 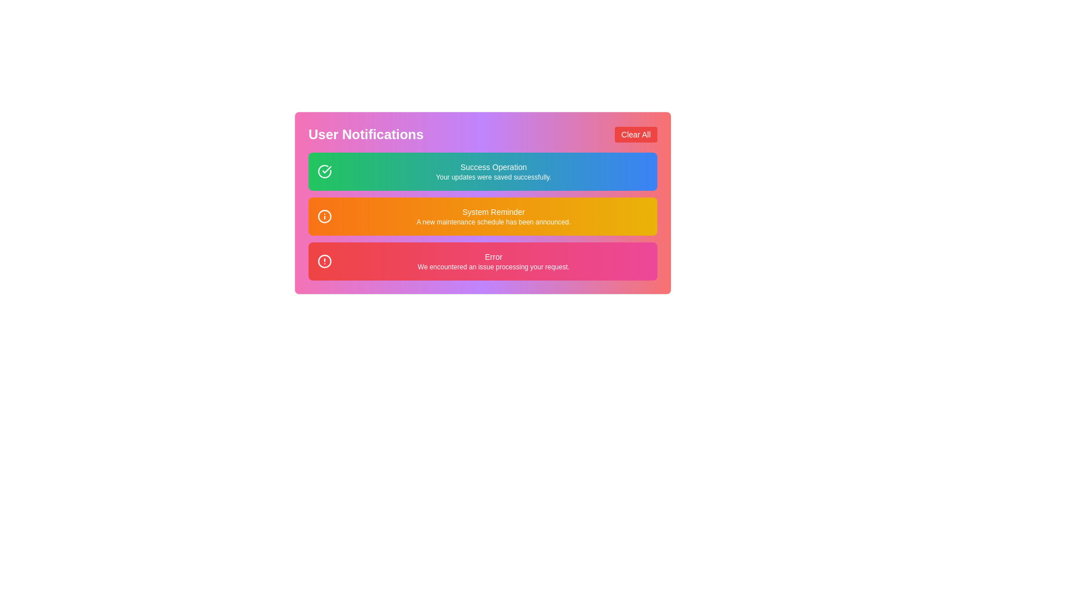 I want to click on the notification icon located at the leftmost side of the middle notification card with a gradient orange background that contains the text 'System Reminder', so click(x=324, y=216).